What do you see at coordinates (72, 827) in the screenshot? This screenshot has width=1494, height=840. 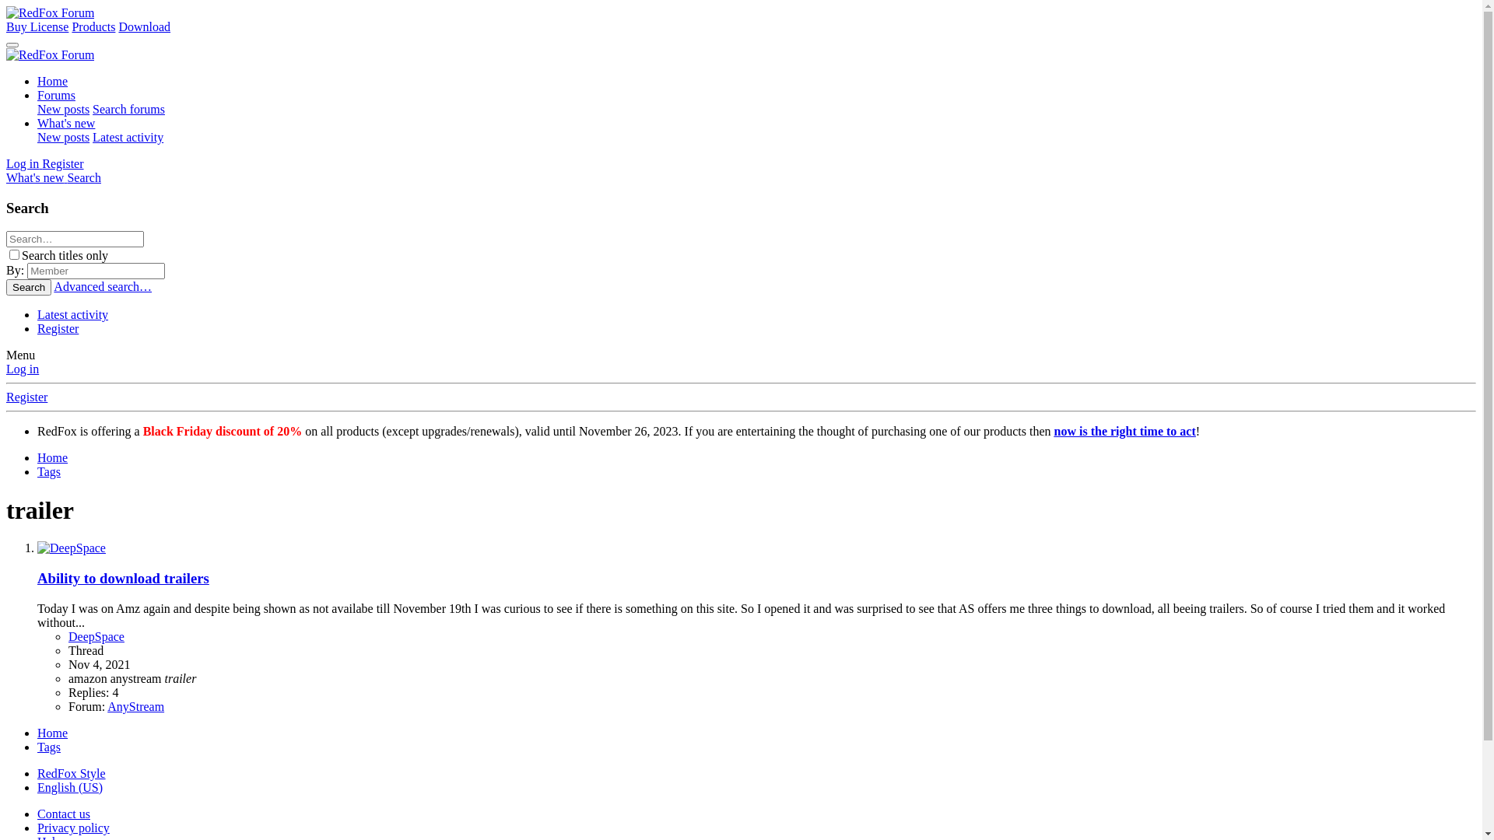 I see `'Privacy policy'` at bounding box center [72, 827].